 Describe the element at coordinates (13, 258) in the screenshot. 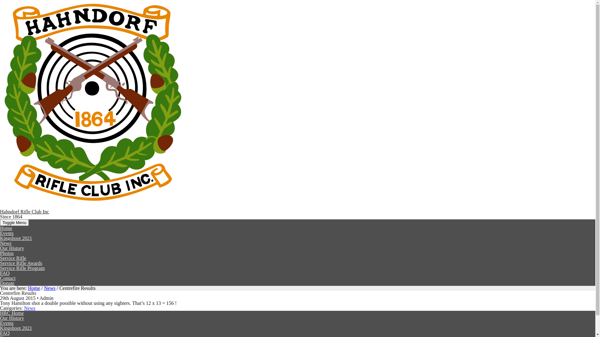

I see `'Service Rifle'` at that location.